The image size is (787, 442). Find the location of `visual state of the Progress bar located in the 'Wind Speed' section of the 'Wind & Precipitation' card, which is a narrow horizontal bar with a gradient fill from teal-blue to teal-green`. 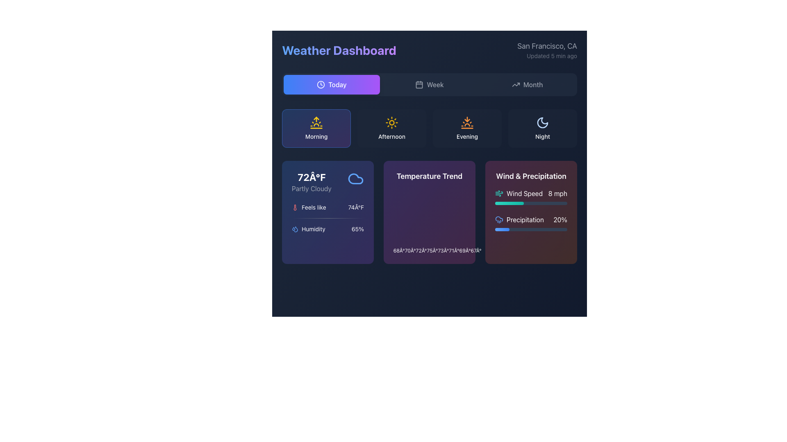

visual state of the Progress bar located in the 'Wind Speed' section of the 'Wind & Precipitation' card, which is a narrow horizontal bar with a gradient fill from teal-blue to teal-green is located at coordinates (509, 203).